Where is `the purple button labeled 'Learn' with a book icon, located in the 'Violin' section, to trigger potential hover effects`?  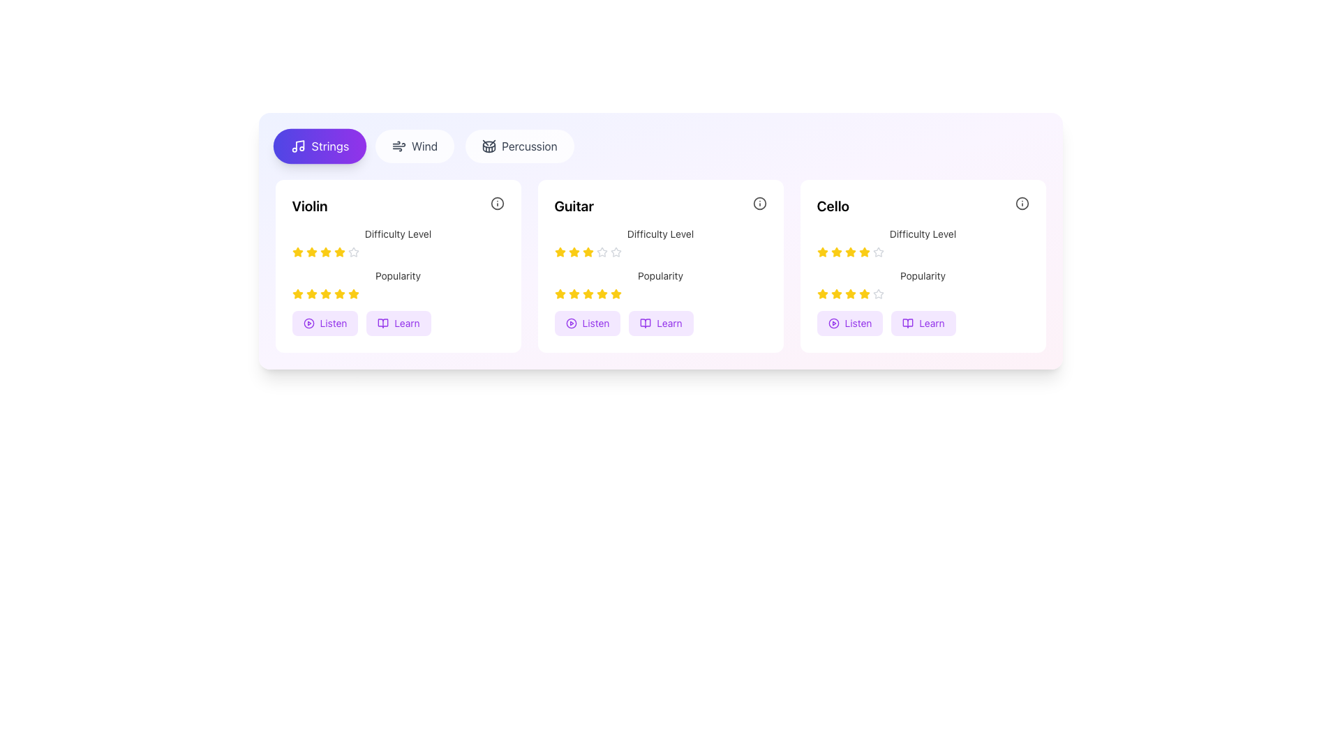 the purple button labeled 'Learn' with a book icon, located in the 'Violin' section, to trigger potential hover effects is located at coordinates (398, 323).